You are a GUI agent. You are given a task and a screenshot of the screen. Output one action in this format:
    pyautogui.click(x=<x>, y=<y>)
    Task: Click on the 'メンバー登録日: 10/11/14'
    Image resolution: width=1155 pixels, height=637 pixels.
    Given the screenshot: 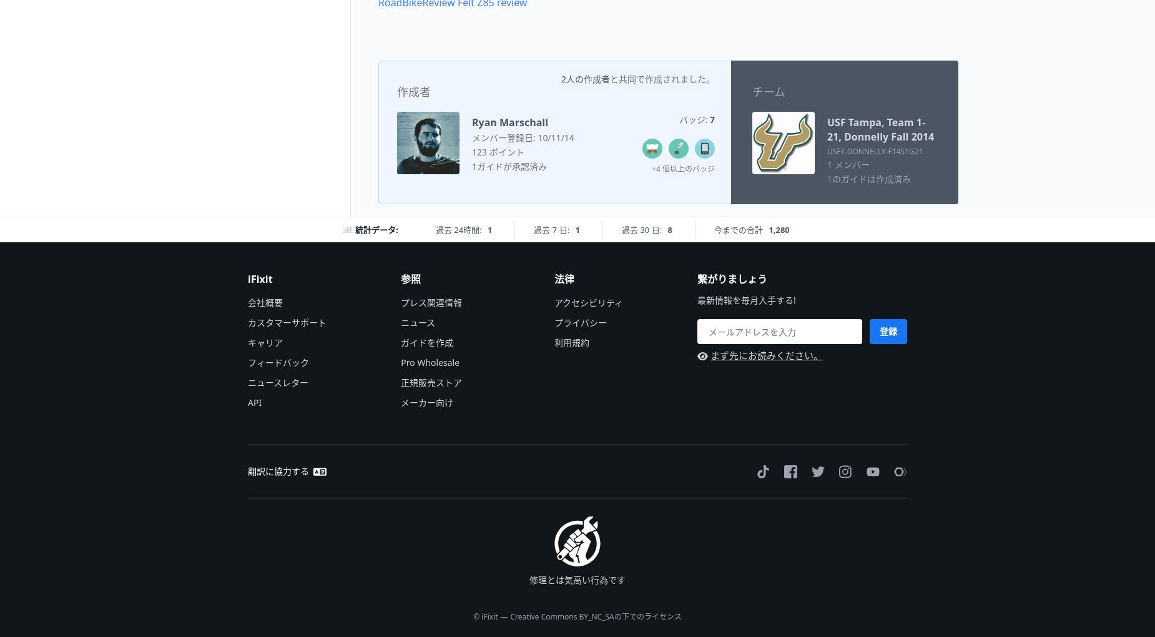 What is the action you would take?
    pyautogui.click(x=523, y=137)
    